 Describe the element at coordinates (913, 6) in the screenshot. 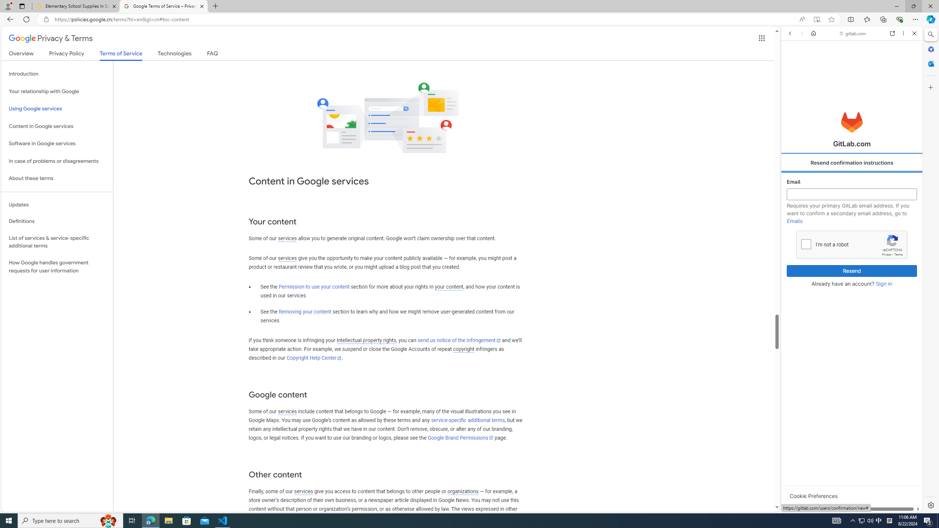

I see `'Restore'` at that location.